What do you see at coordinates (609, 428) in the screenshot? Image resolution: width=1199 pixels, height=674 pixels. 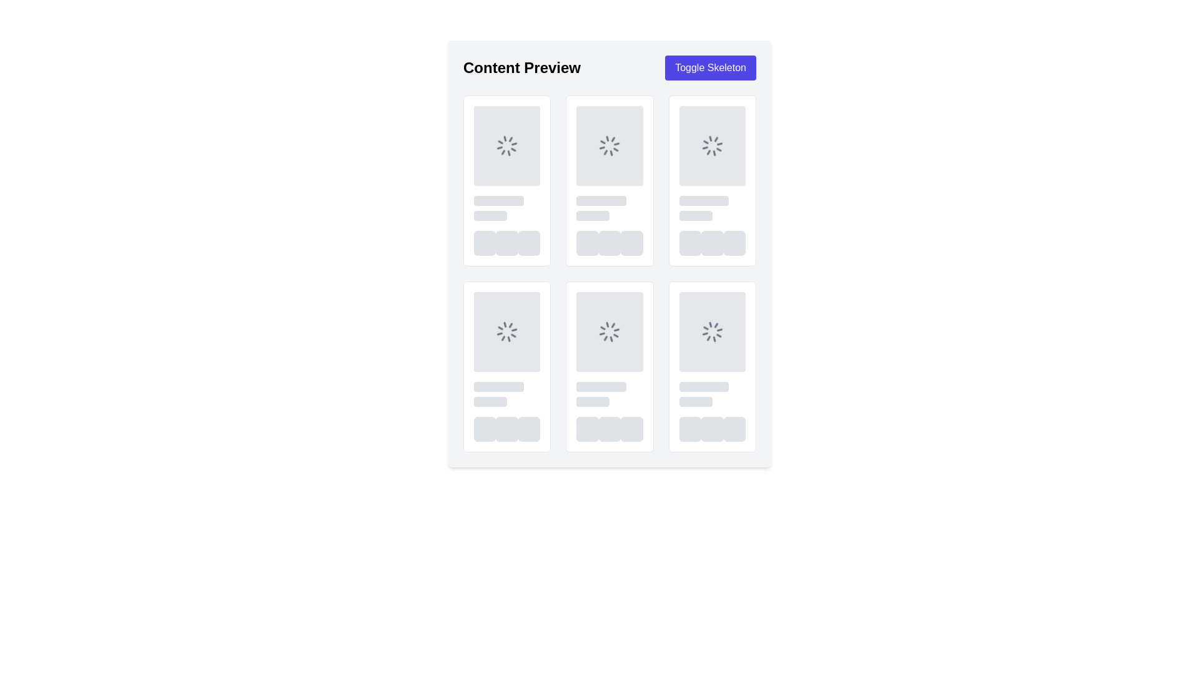 I see `Loading placeholder, a small square component with a light gray background and rounded corners, located centrally in the layout` at bounding box center [609, 428].